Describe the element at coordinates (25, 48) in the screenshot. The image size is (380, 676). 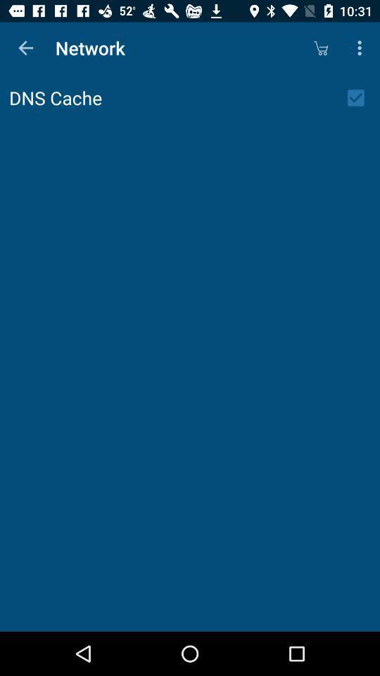
I see `item above the dns cache` at that location.